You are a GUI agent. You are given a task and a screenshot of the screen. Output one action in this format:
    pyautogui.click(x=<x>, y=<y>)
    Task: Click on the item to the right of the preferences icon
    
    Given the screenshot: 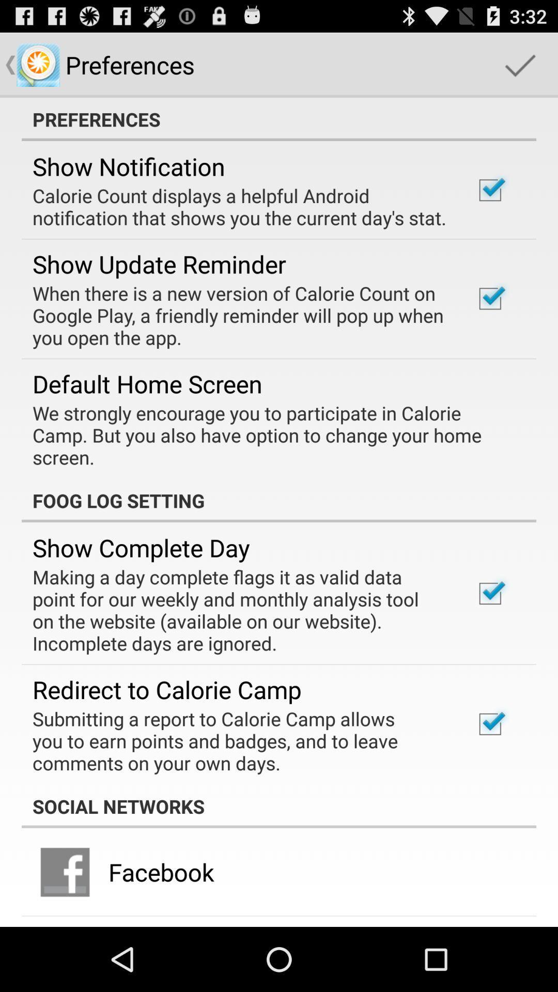 What is the action you would take?
    pyautogui.click(x=520, y=64)
    